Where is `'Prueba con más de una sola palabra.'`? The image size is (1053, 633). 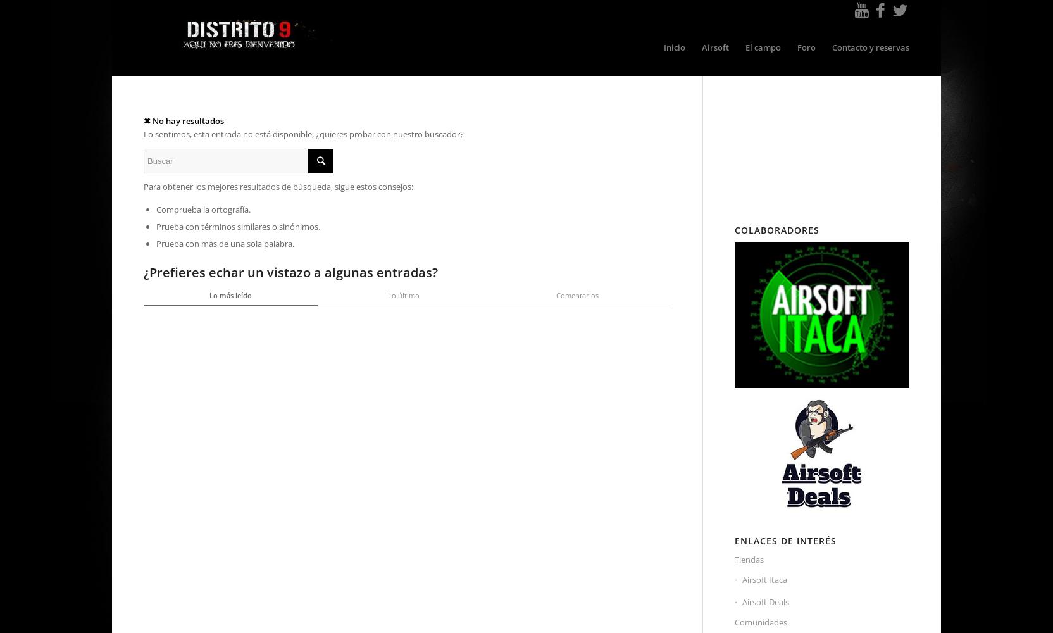
'Prueba con más de una sola palabra.' is located at coordinates (225, 244).